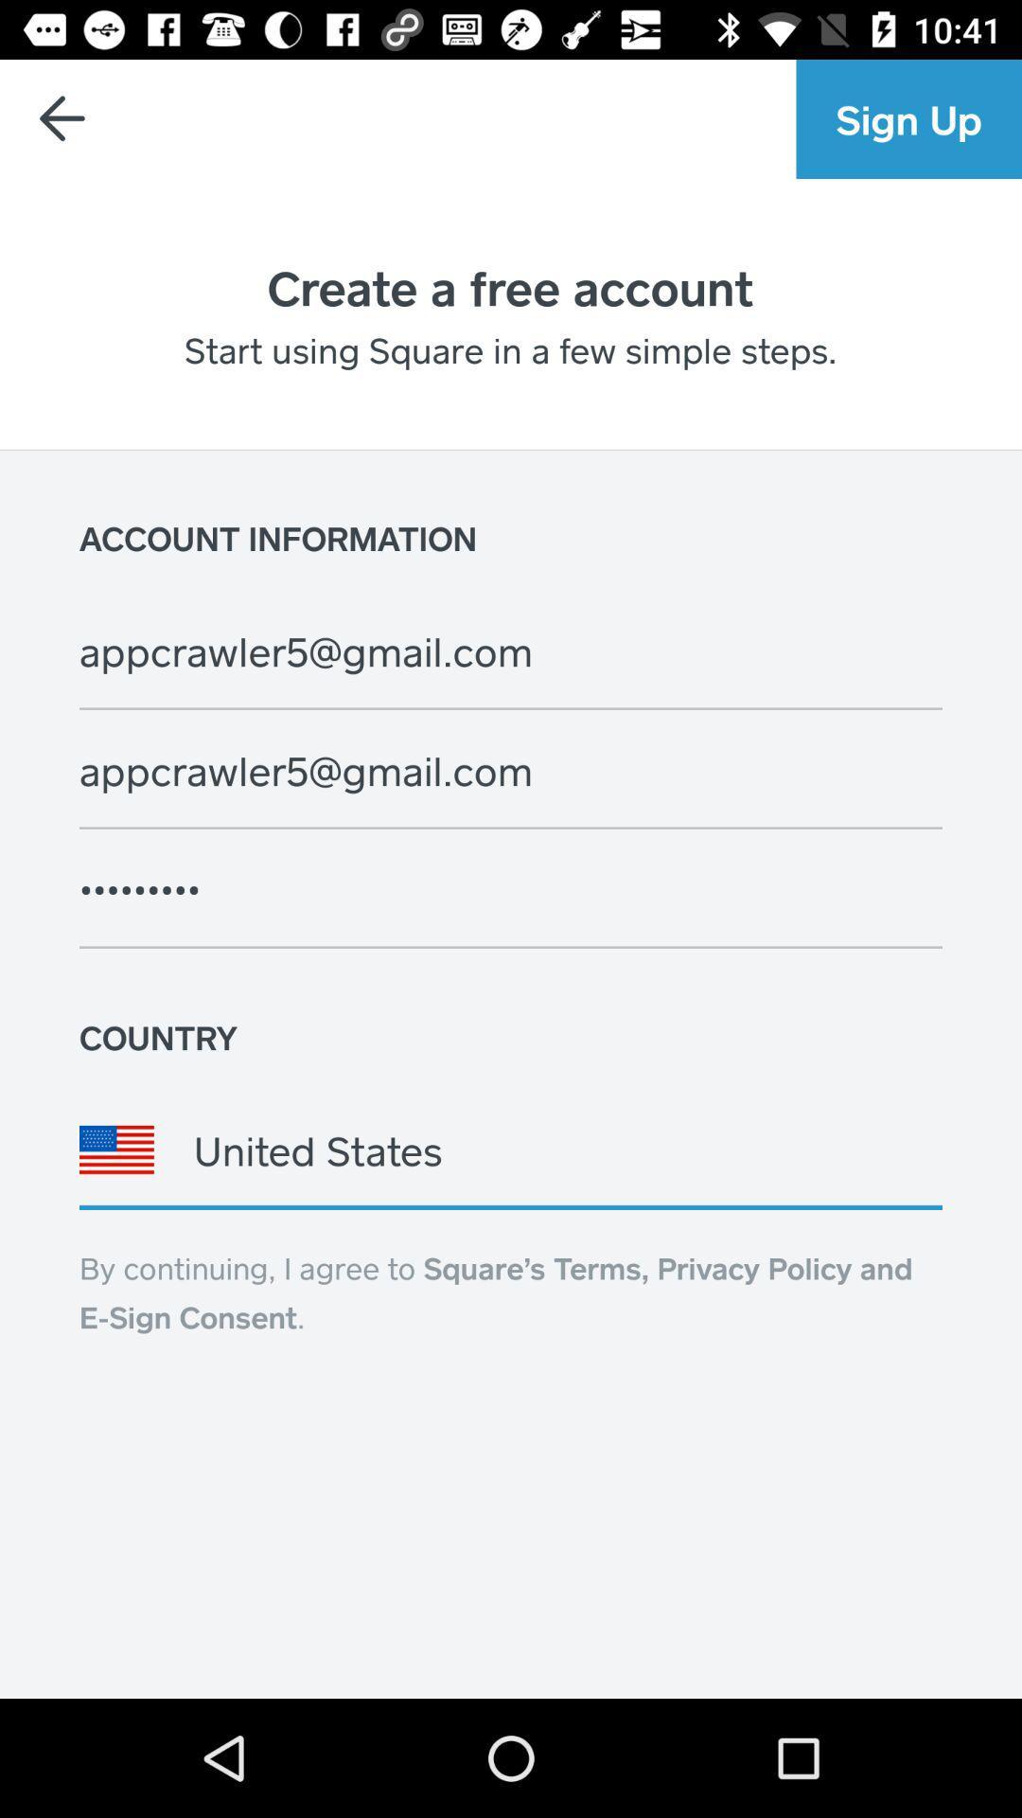 The width and height of the screenshot is (1022, 1818). I want to click on the text in second line under account information, so click(530, 771).